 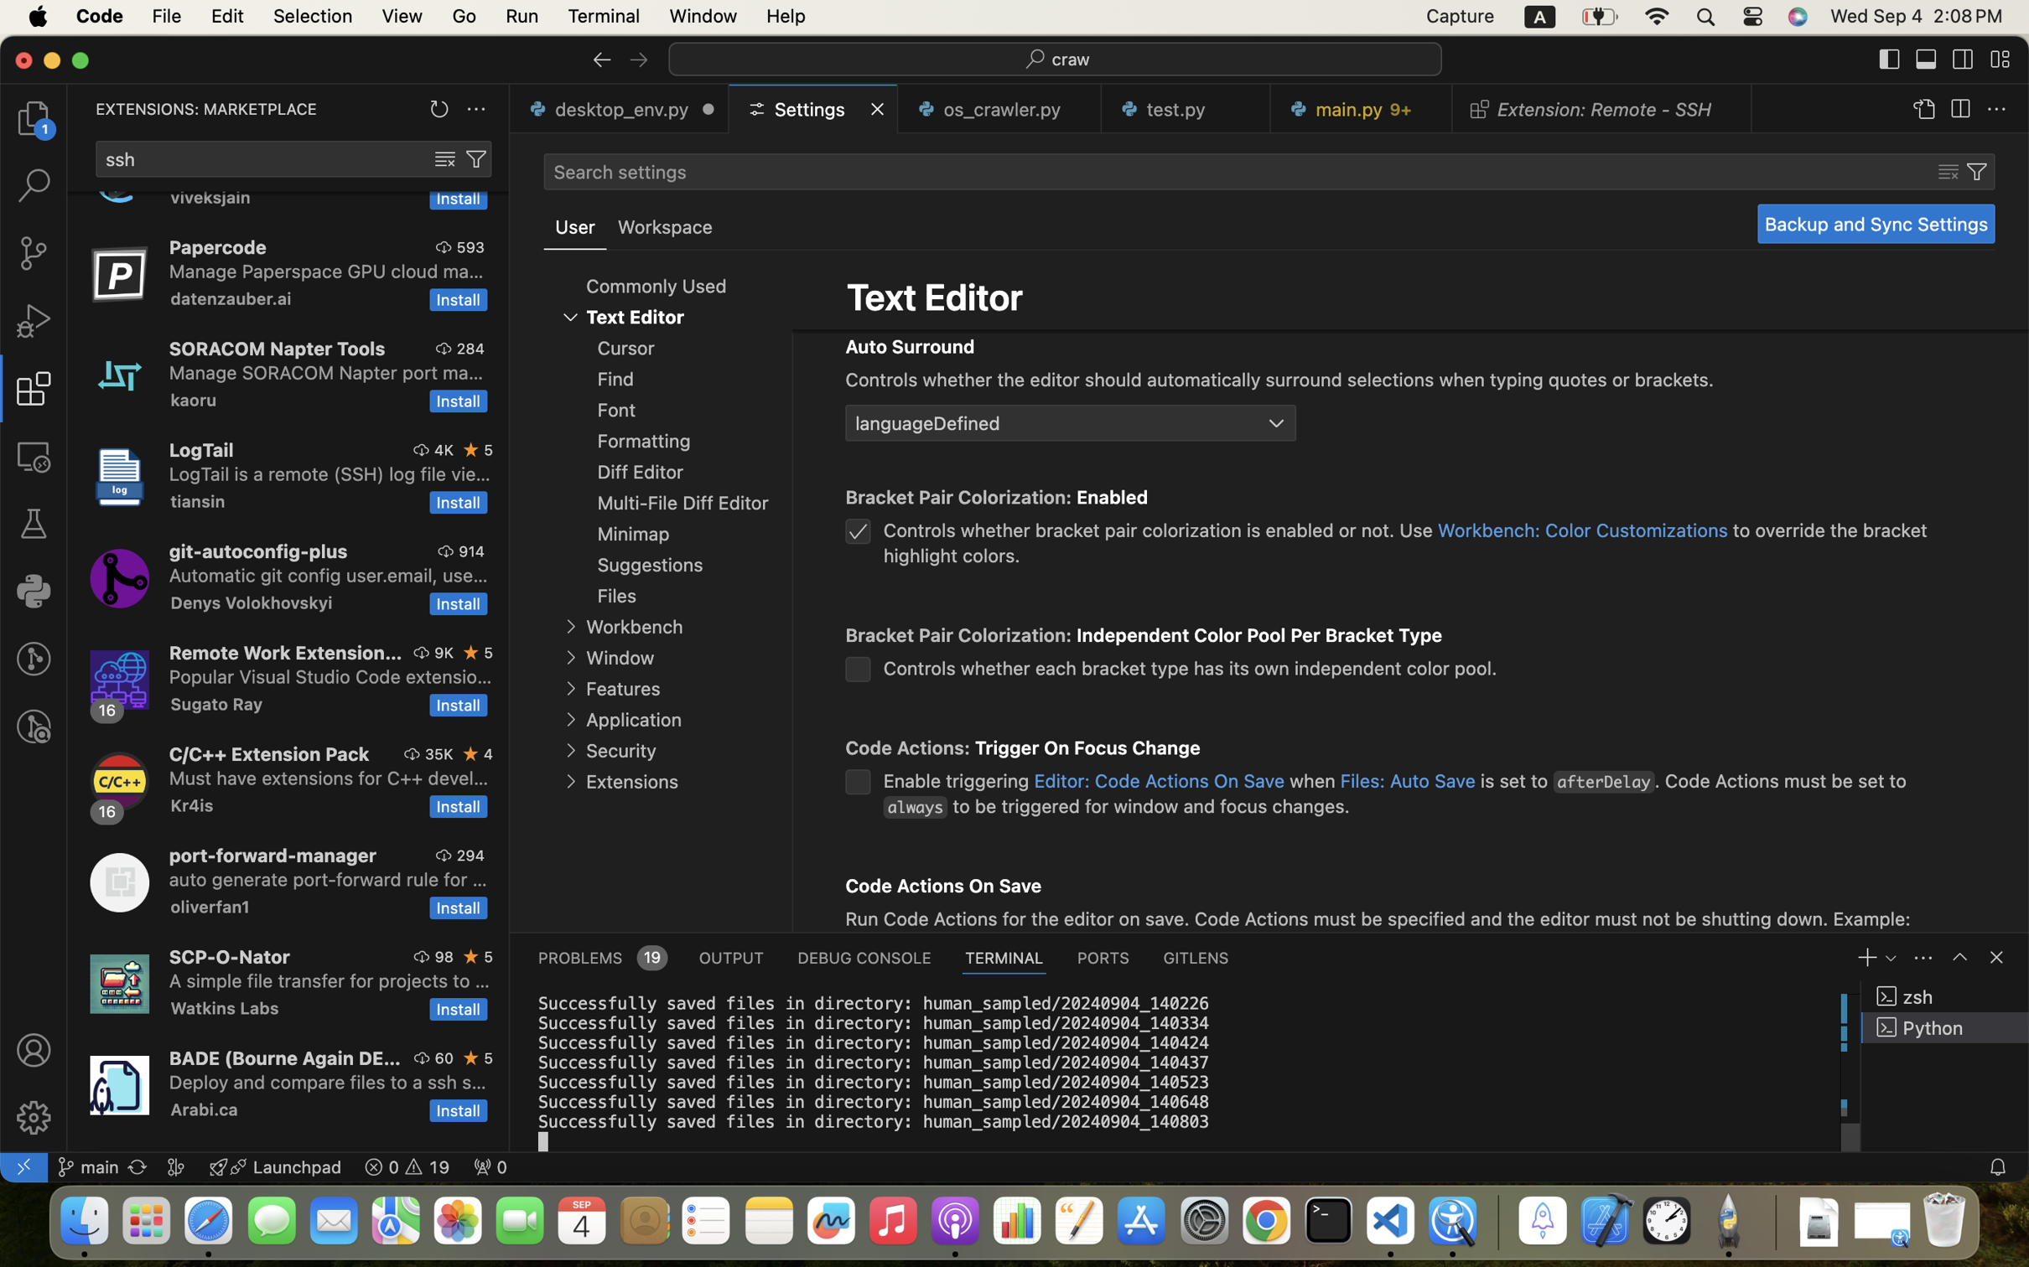 I want to click on 'craw', so click(x=1070, y=59).